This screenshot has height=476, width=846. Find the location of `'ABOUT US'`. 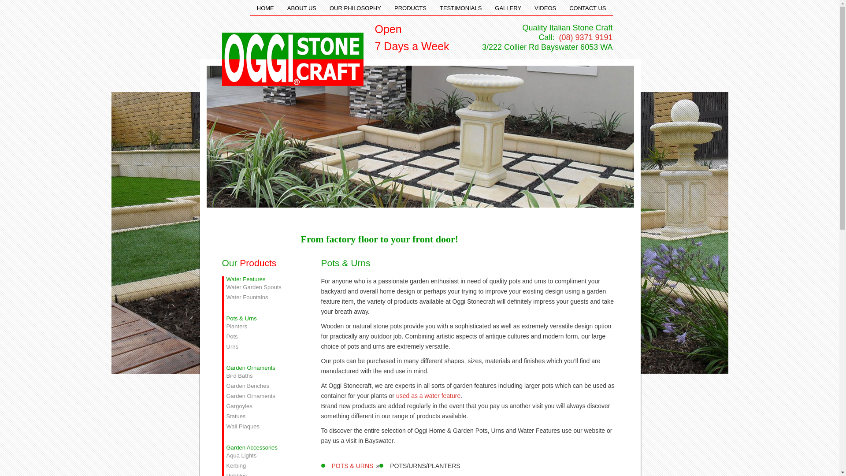

'ABOUT US' is located at coordinates (302, 7).